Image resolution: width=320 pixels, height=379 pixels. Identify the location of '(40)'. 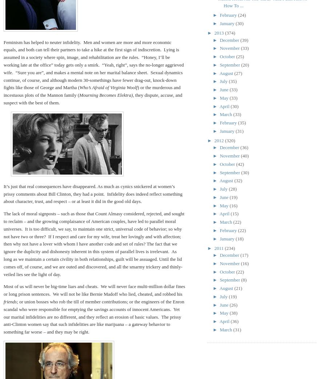
(240, 155).